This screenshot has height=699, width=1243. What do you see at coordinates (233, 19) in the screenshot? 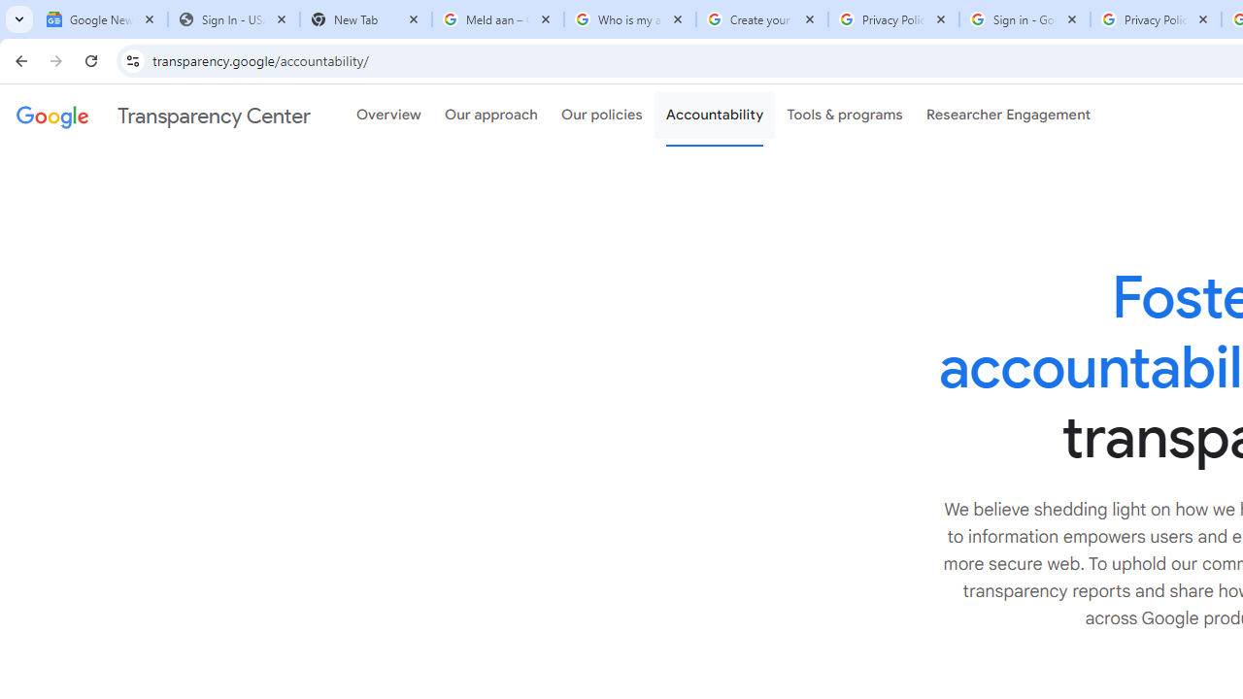
I see `'Sign In - USA TODAY'` at bounding box center [233, 19].